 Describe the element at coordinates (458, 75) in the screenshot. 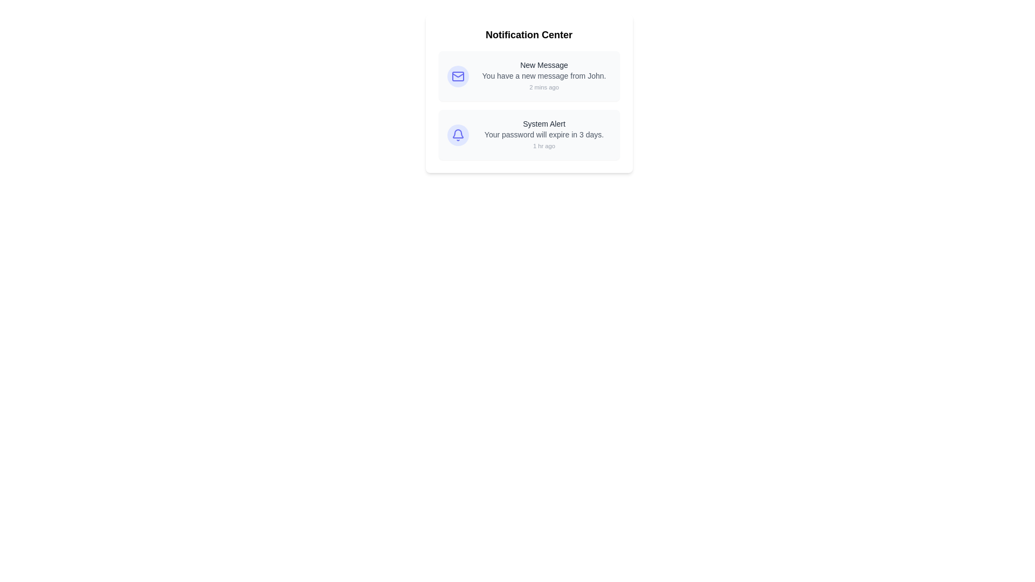

I see `the circular purple mail icon located in the top notification card of the notification center interface, which is aligned vertically with the 'New Message' text` at that location.